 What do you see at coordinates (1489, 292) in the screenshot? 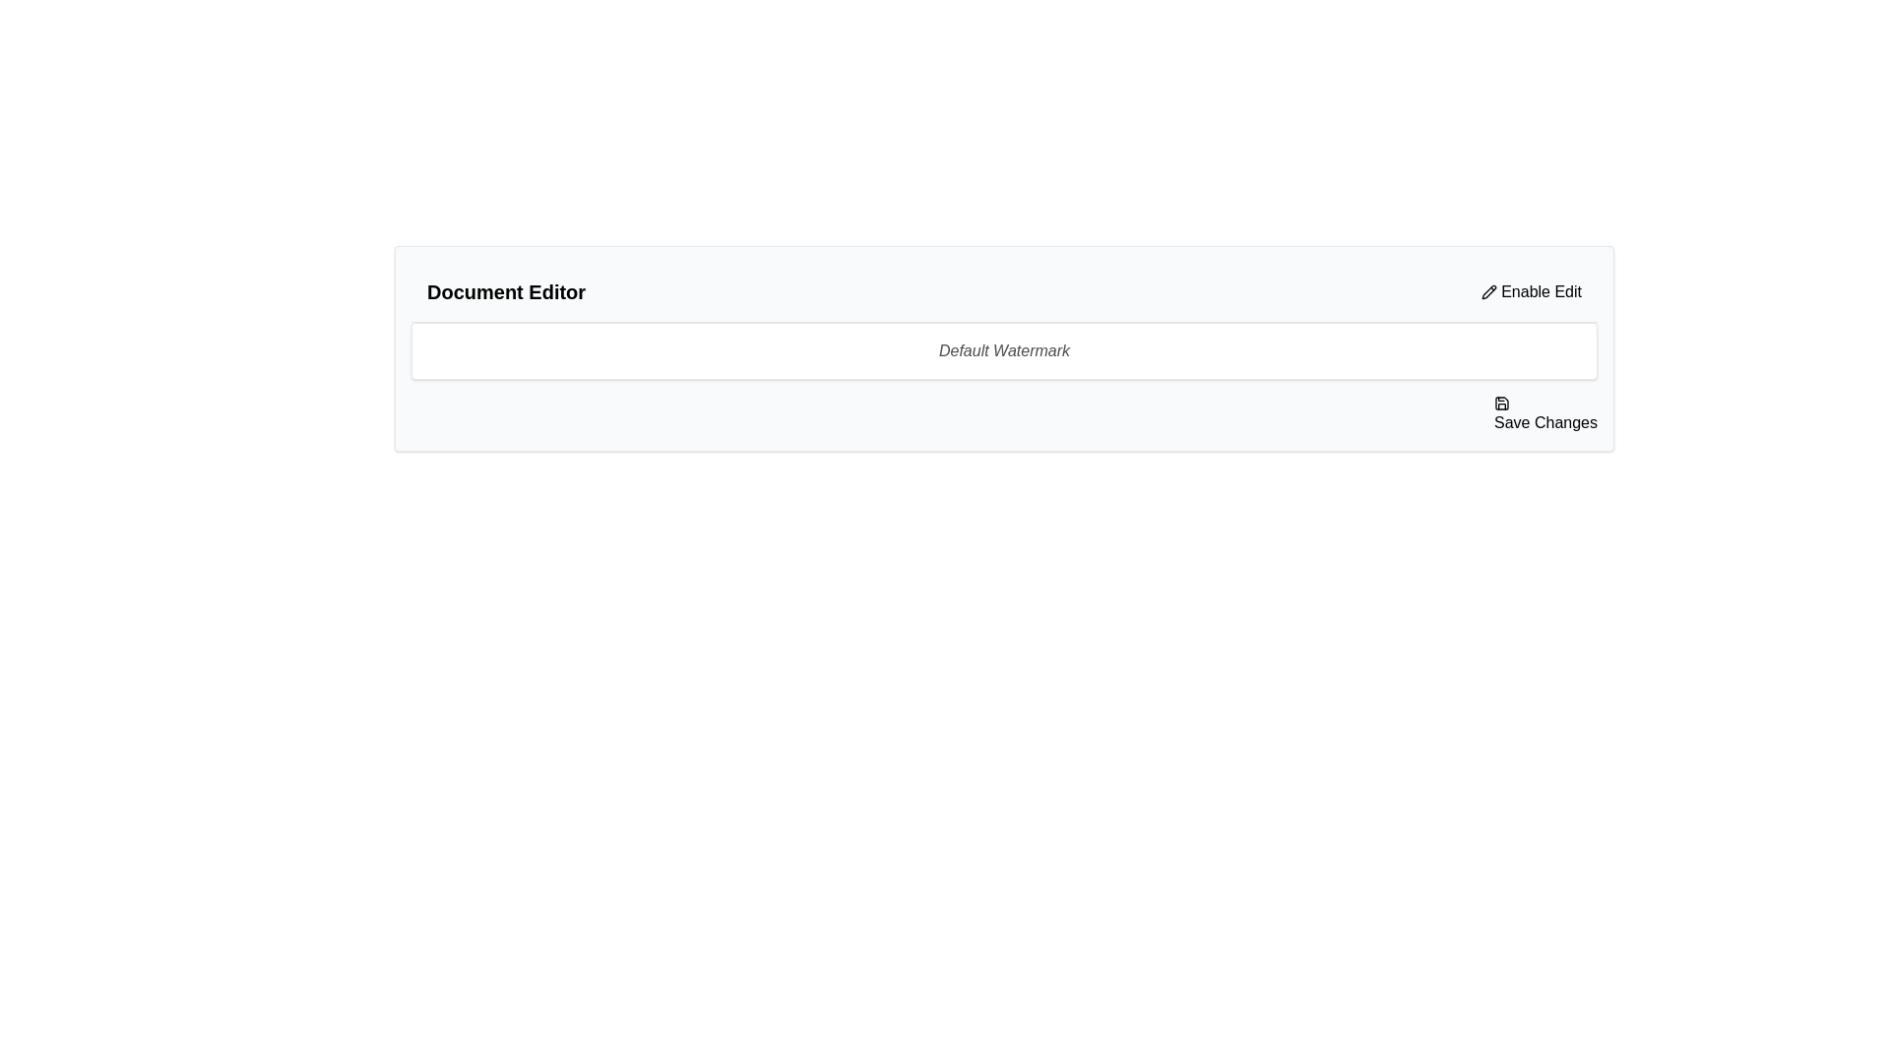
I see `the pencil-shaped icon located to the left of the 'Enable Edit' text within the button` at bounding box center [1489, 292].